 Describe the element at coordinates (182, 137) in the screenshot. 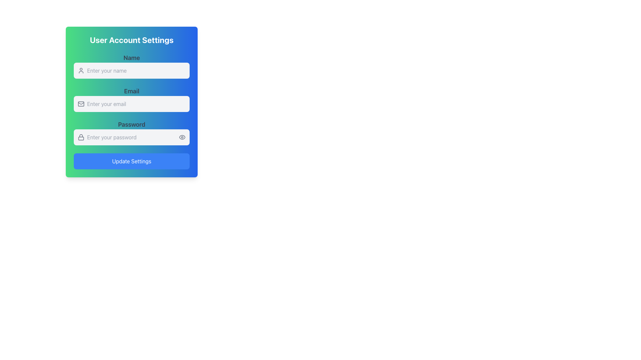

I see `the eye icon button` at that location.